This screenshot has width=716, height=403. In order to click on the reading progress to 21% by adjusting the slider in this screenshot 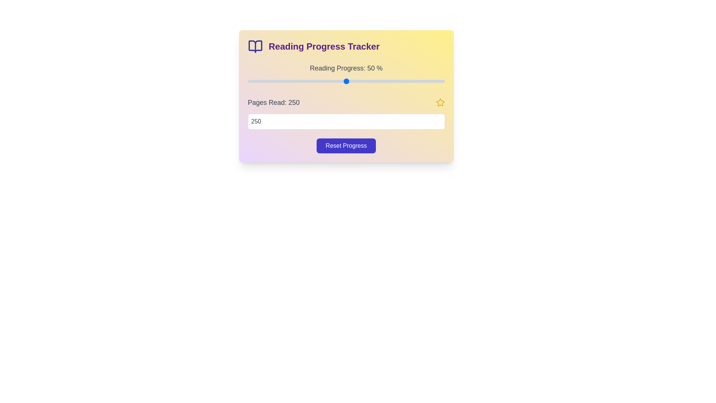, I will do `click(289, 81)`.